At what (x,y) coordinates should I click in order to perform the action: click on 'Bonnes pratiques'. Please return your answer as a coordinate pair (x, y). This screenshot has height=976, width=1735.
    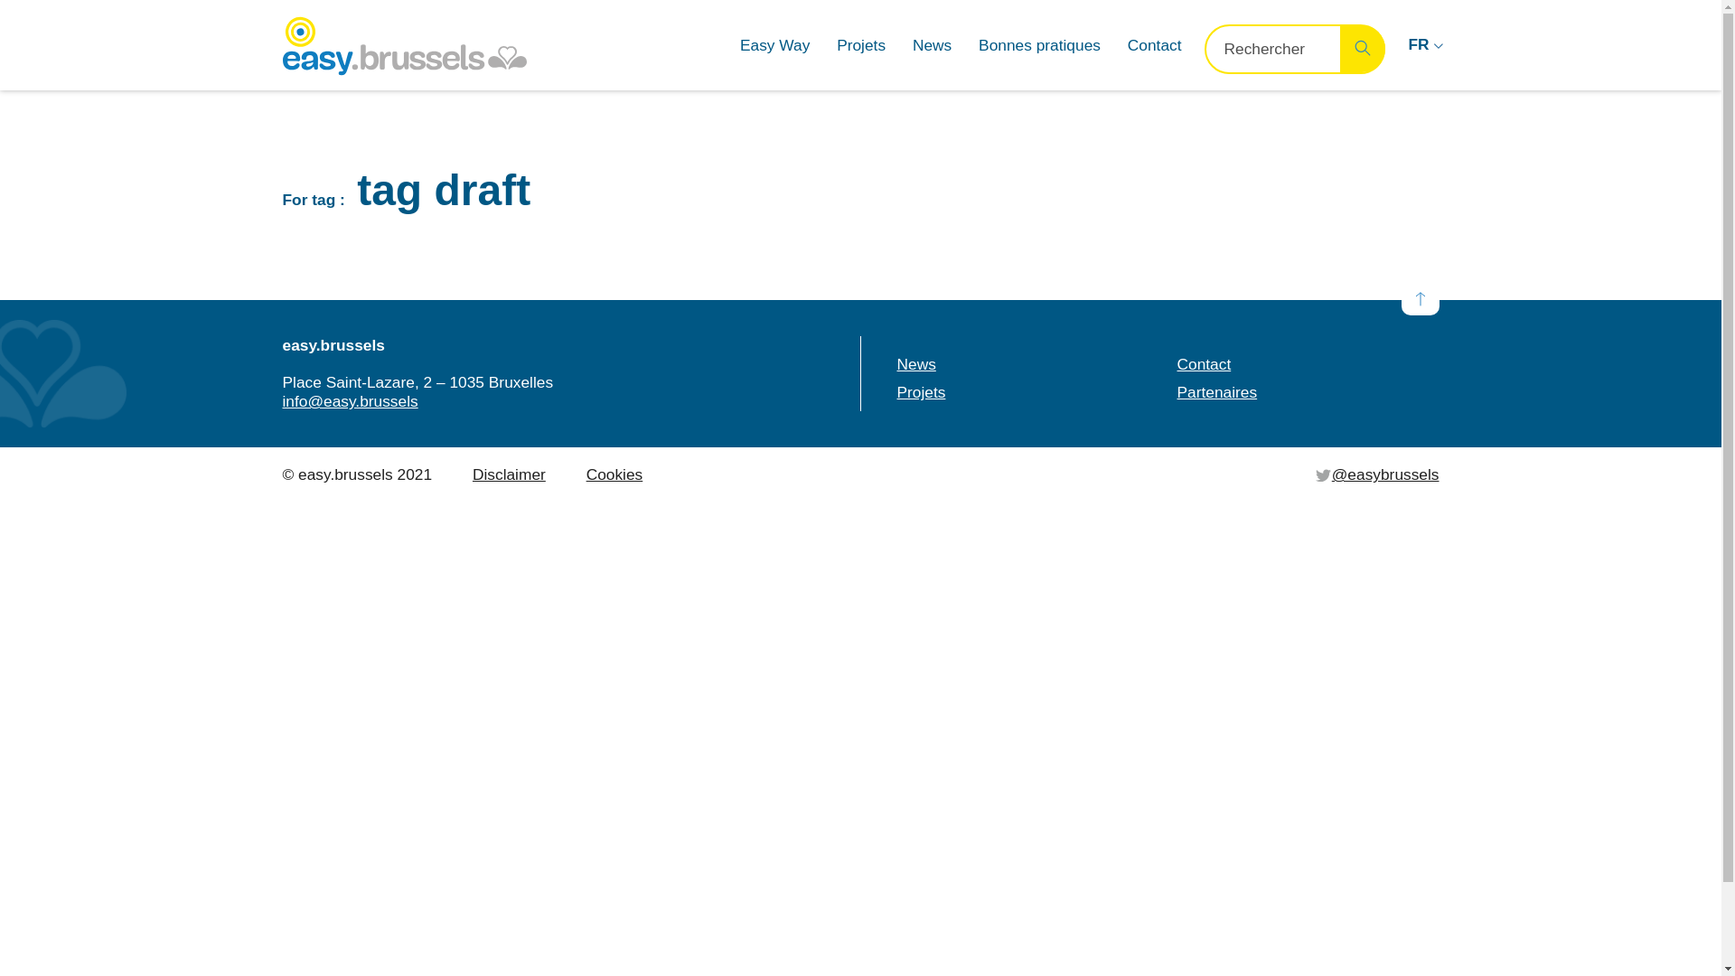
    Looking at the image, I should click on (978, 44).